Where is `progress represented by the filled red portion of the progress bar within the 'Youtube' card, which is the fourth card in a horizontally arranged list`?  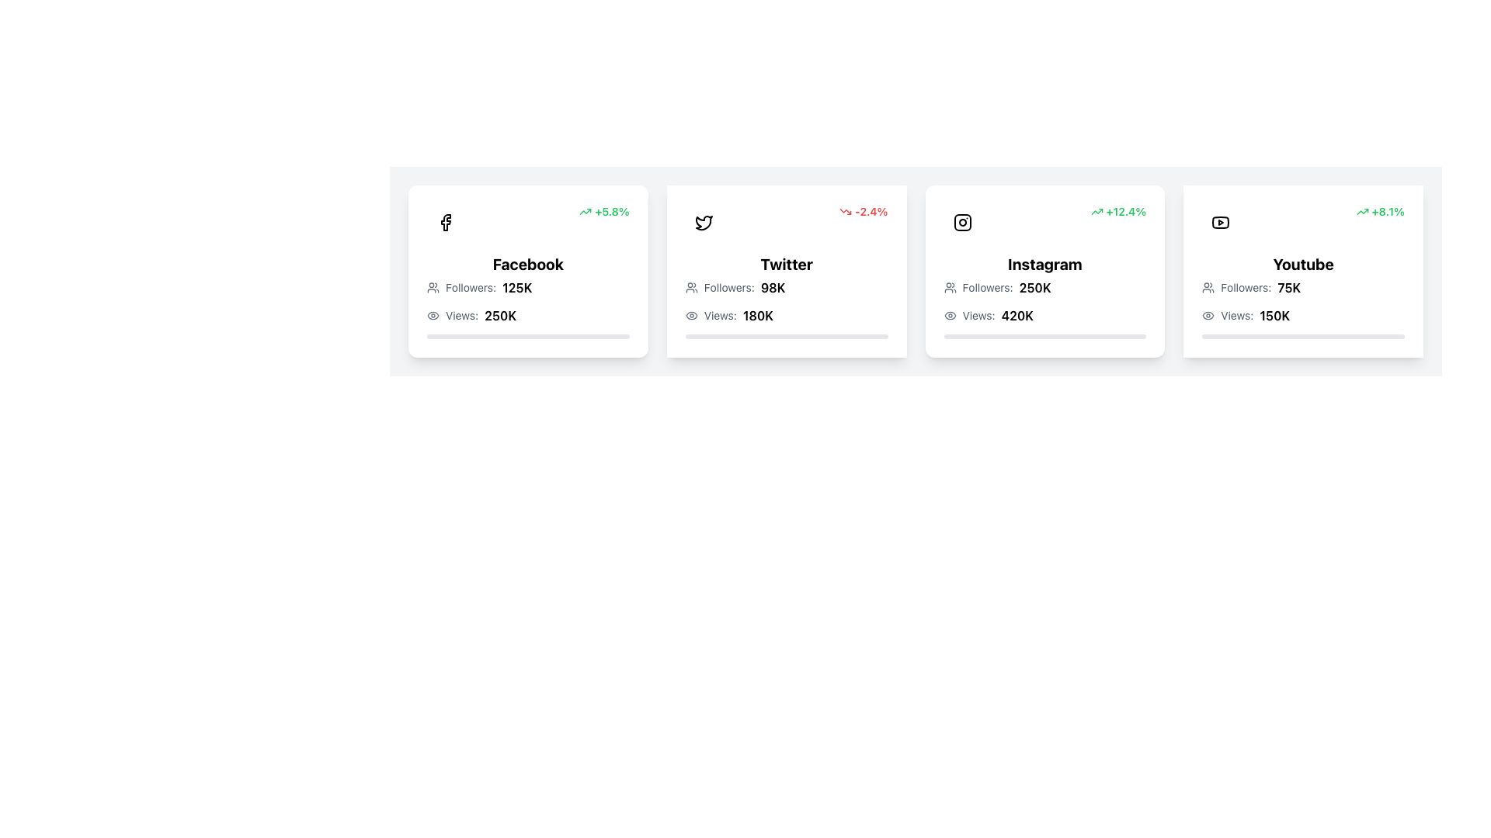 progress represented by the filled red portion of the progress bar within the 'Youtube' card, which is the fourth card in a horizontally arranged list is located at coordinates (1263, 336).